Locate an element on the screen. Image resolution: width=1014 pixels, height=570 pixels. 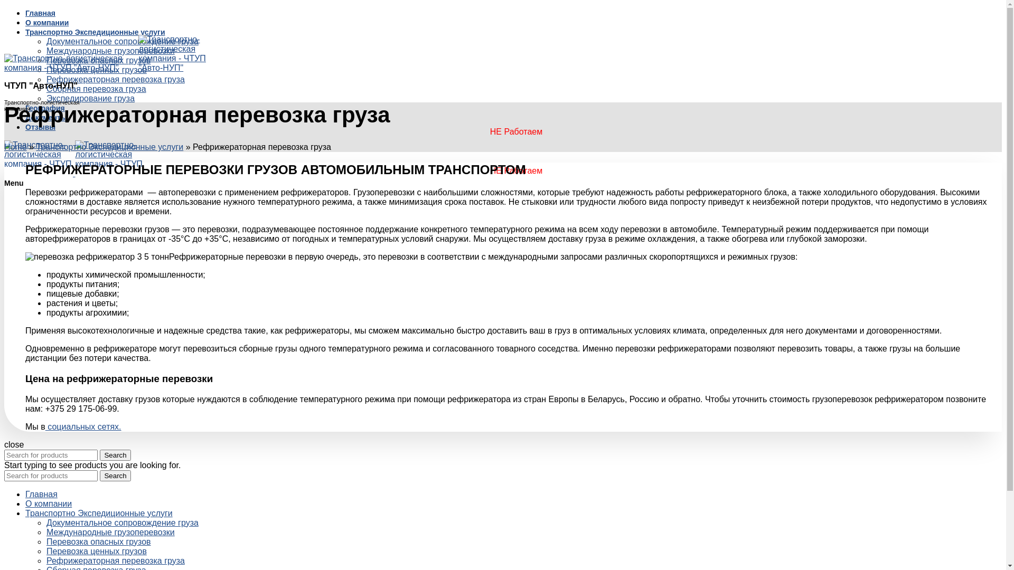
'Search' is located at coordinates (115, 454).